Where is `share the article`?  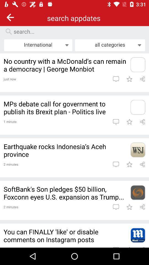
share the article is located at coordinates (142, 206).